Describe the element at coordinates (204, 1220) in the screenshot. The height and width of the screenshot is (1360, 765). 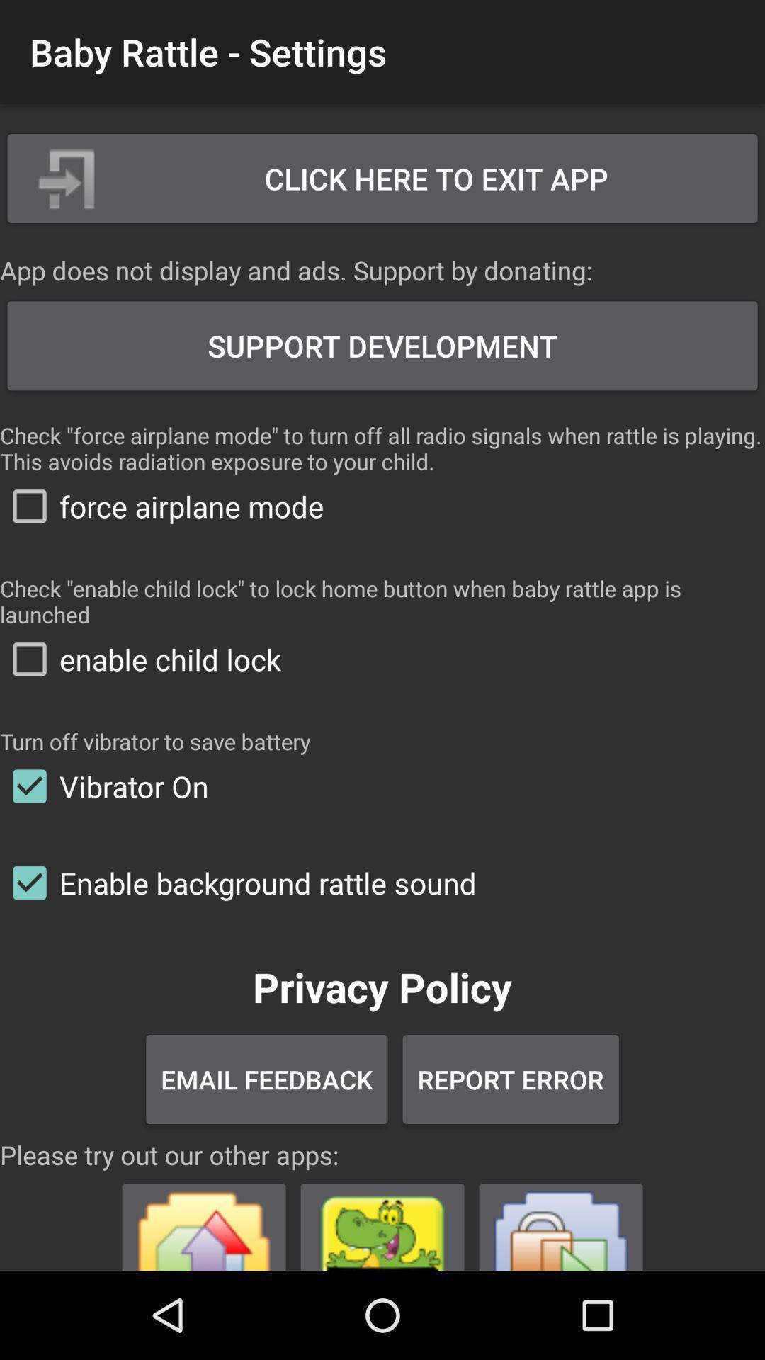
I see `app advertisement` at that location.